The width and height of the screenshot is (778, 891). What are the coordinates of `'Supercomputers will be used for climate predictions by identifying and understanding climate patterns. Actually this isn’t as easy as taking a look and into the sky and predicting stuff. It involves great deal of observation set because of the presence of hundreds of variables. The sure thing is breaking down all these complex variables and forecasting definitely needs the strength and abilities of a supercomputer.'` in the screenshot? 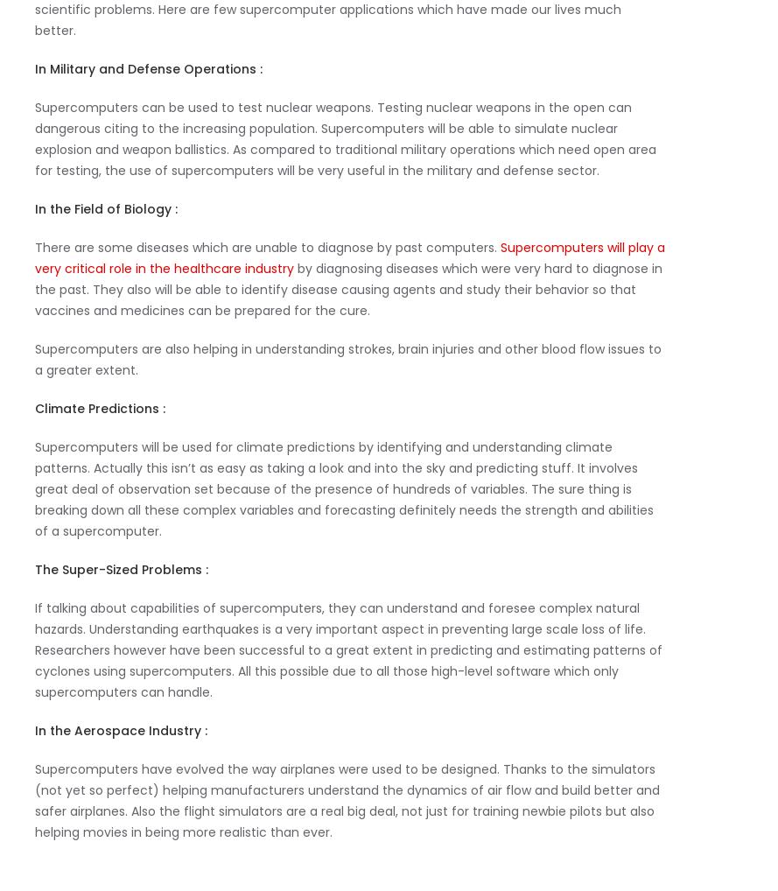 It's located at (35, 487).